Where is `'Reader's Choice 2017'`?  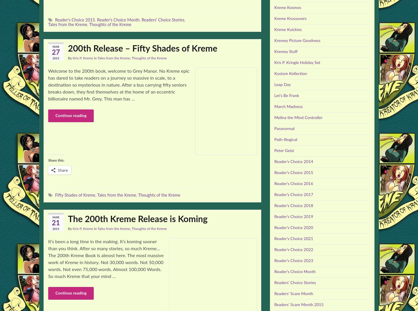 'Reader's Choice 2017' is located at coordinates (293, 194).